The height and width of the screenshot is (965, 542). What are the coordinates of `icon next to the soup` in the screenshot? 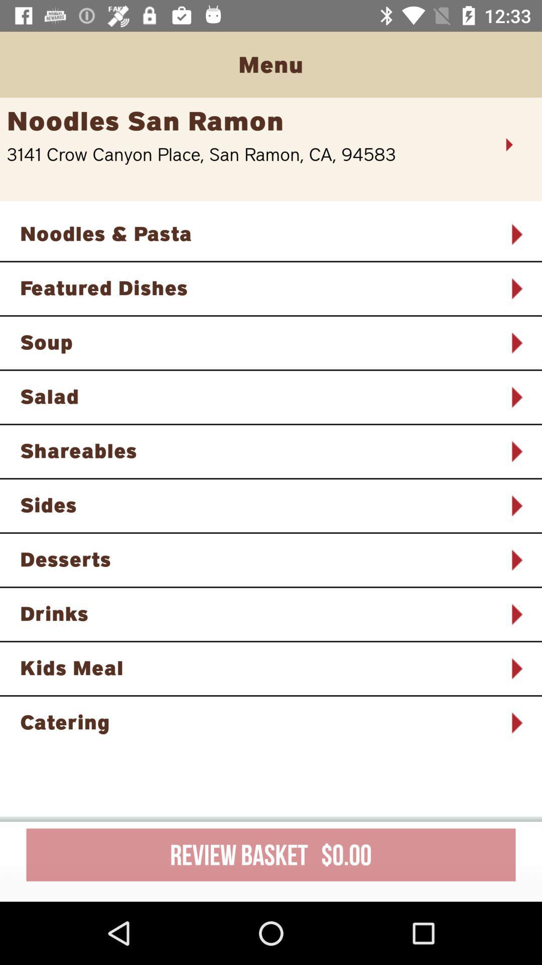 It's located at (516, 343).